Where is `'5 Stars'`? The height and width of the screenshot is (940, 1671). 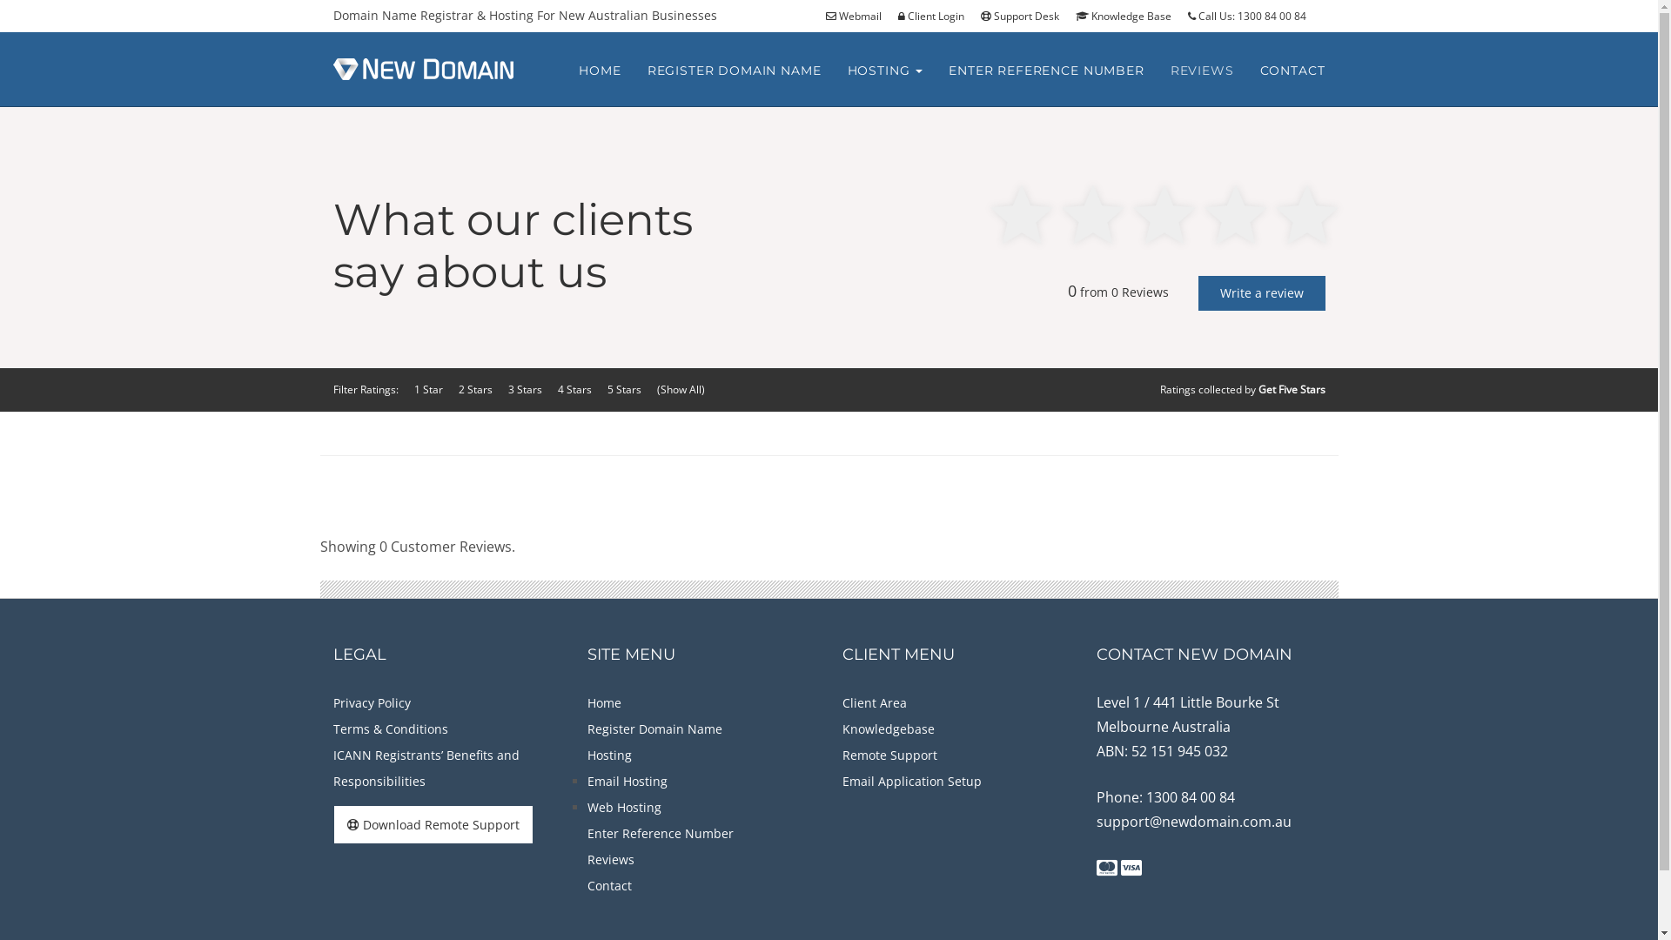 '5 Stars' is located at coordinates (624, 388).